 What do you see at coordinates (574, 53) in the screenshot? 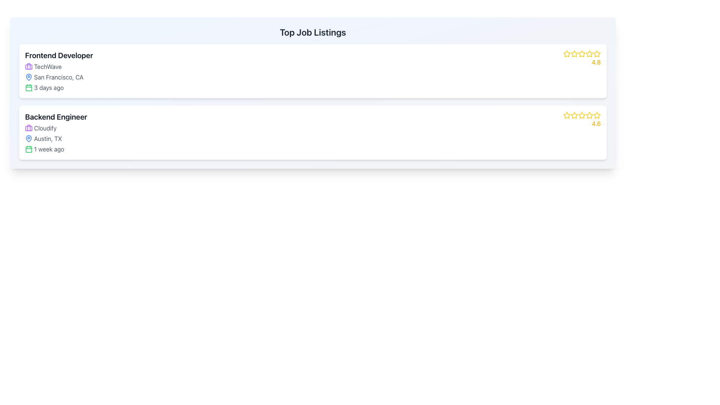
I see `the third yellow outlined star icon in the rating system` at bounding box center [574, 53].